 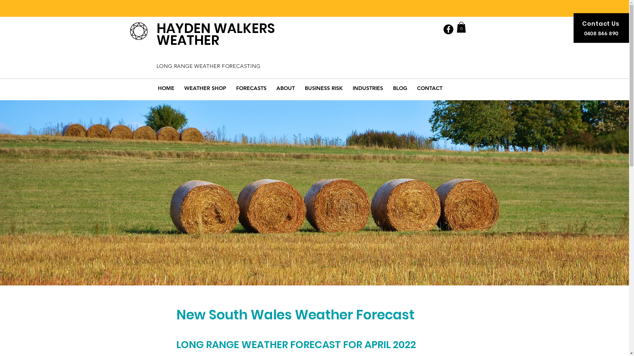 I want to click on 'CONTACT', so click(x=412, y=88).